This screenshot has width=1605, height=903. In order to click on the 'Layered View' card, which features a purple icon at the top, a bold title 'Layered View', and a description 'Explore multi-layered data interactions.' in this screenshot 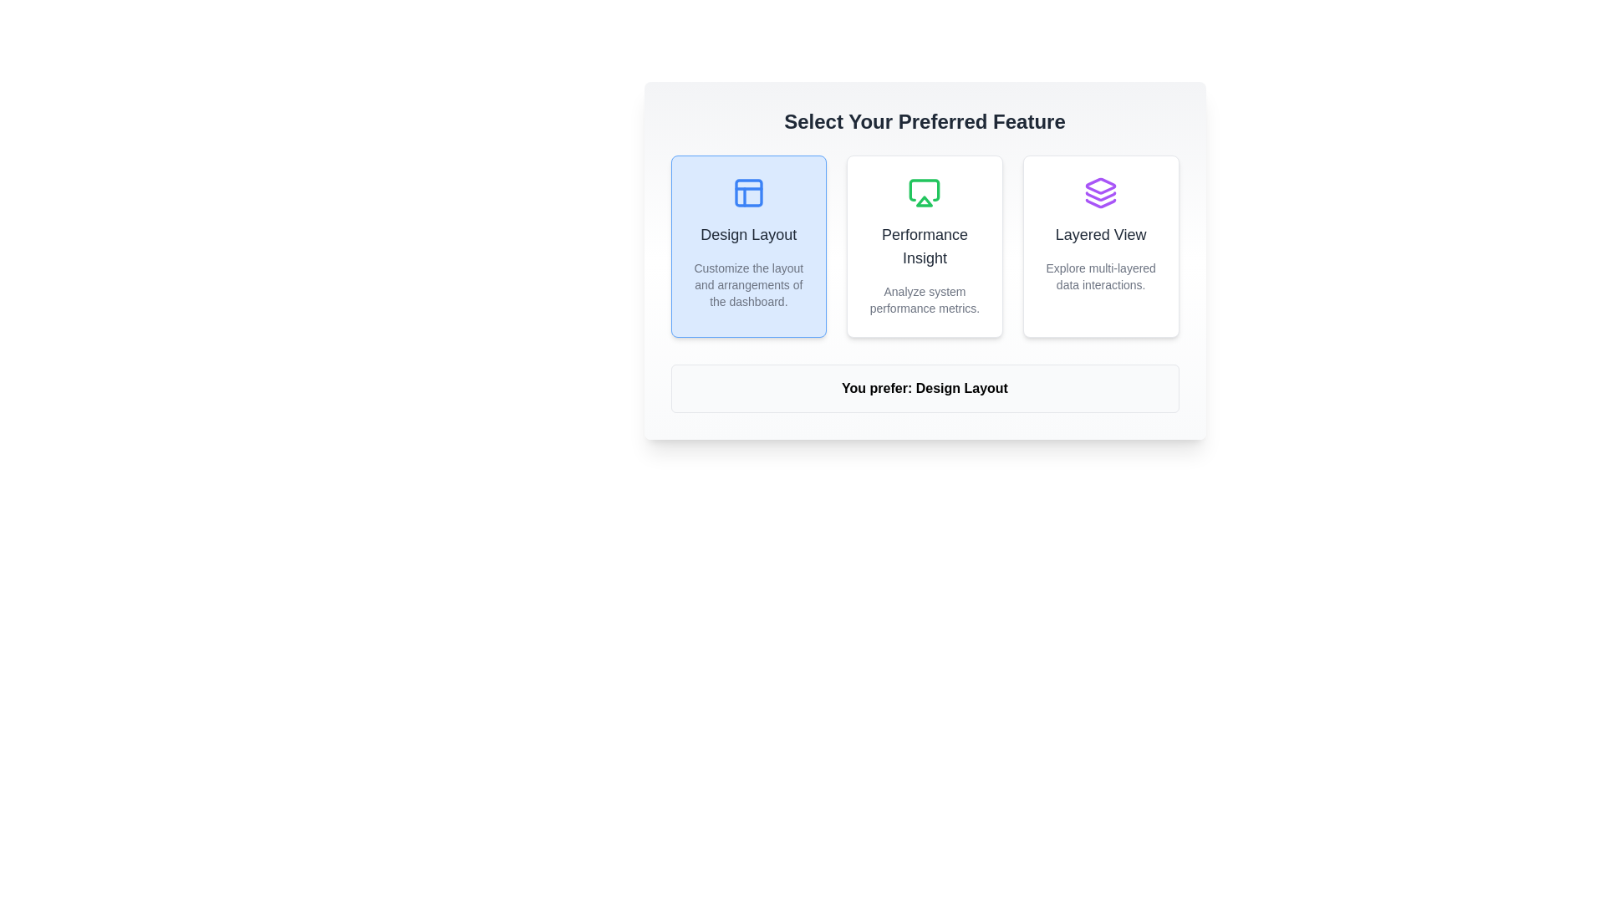, I will do `click(1100, 246)`.